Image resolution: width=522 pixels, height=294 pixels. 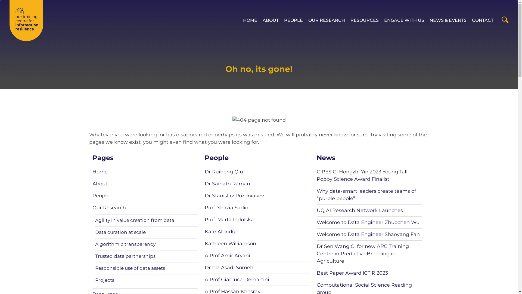 What do you see at coordinates (109, 208) in the screenshot?
I see `'Our Research'` at bounding box center [109, 208].